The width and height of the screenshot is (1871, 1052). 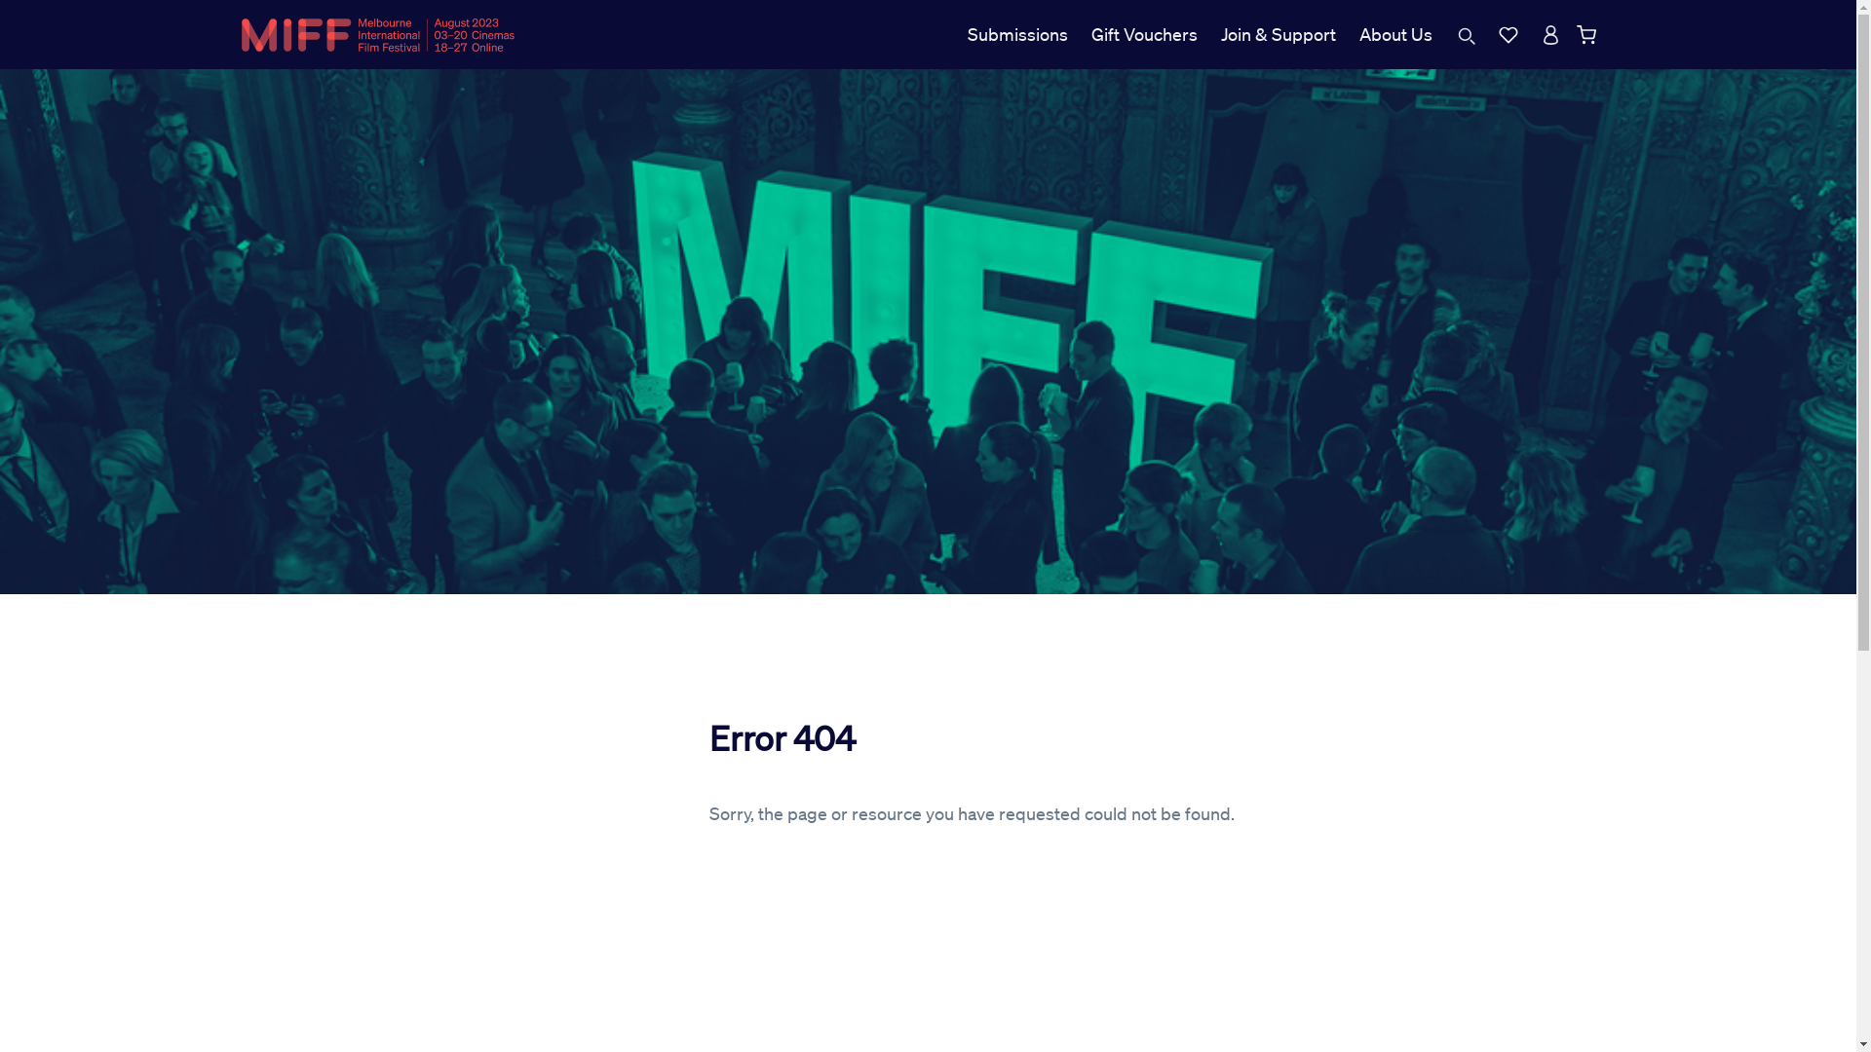 I want to click on 'About Us', so click(x=1394, y=34).